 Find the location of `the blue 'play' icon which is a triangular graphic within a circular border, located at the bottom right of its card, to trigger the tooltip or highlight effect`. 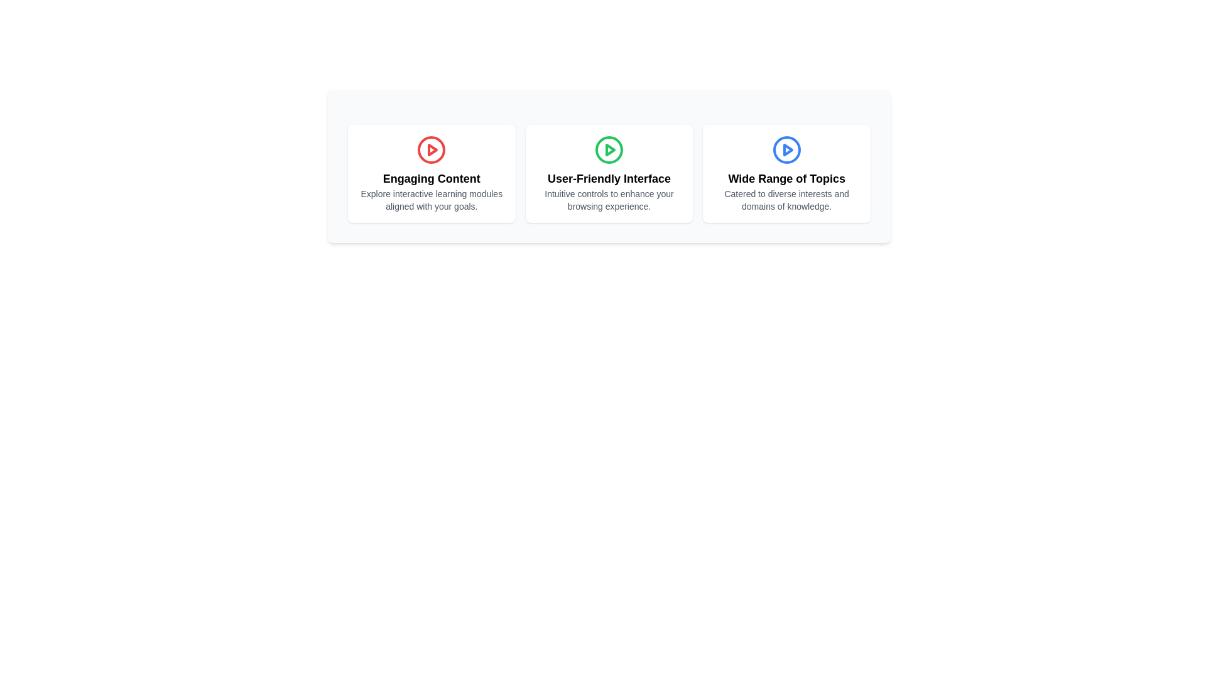

the blue 'play' icon which is a triangular graphic within a circular border, located at the bottom right of its card, to trigger the tooltip or highlight effect is located at coordinates (787, 149).